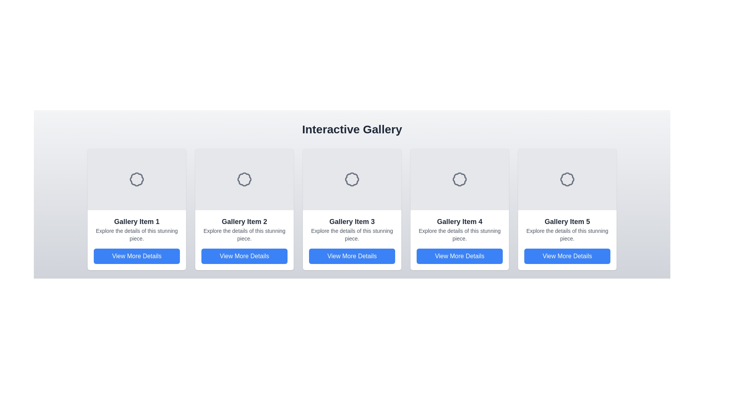 Image resolution: width=738 pixels, height=415 pixels. I want to click on the decorative icon representing an award or achievement in the first card of the gallery layout, specifically located in the gray upper section of 'Gallery Item 1', so click(136, 179).